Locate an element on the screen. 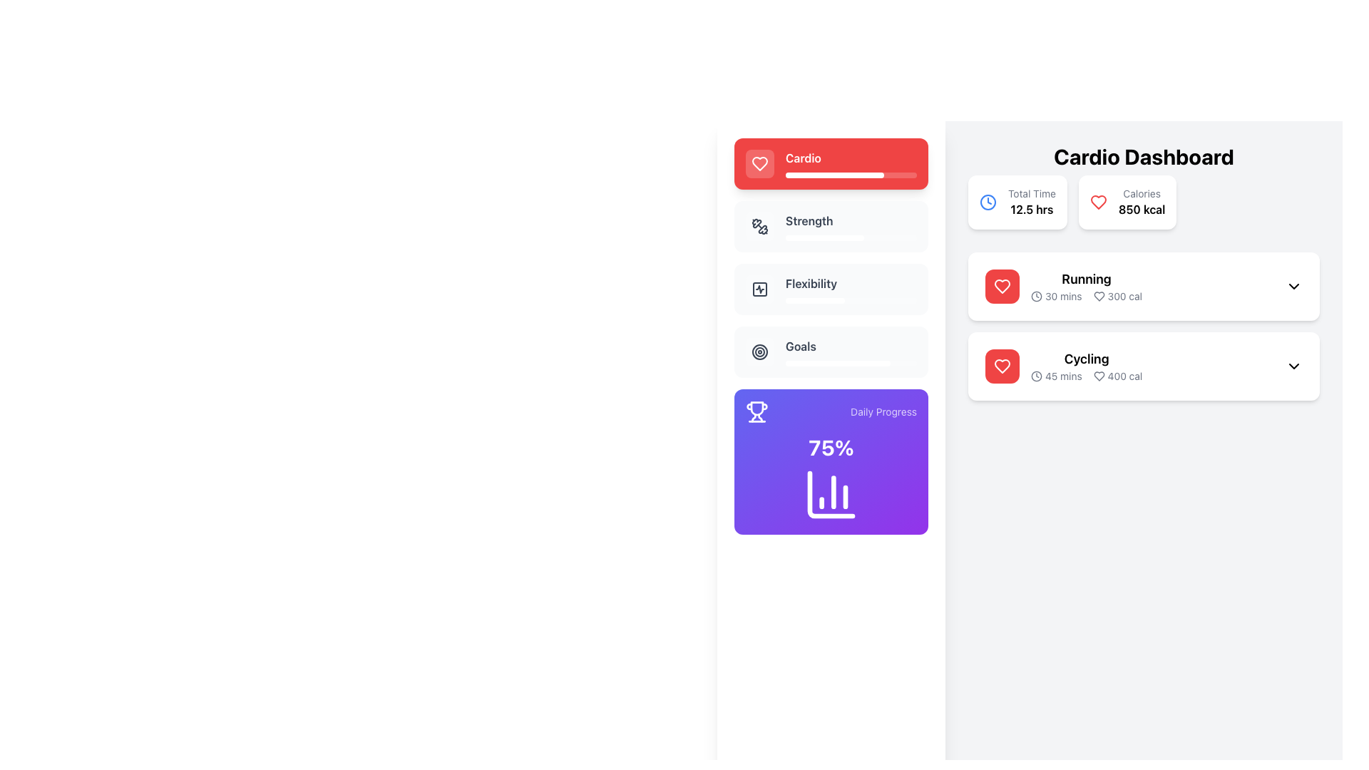 The width and height of the screenshot is (1369, 770). the progress state of the horizontal progress bar located below the 'Flexibility' heading in the sidebar, which has a white background and a filled portion indicating progress is located at coordinates (851, 299).